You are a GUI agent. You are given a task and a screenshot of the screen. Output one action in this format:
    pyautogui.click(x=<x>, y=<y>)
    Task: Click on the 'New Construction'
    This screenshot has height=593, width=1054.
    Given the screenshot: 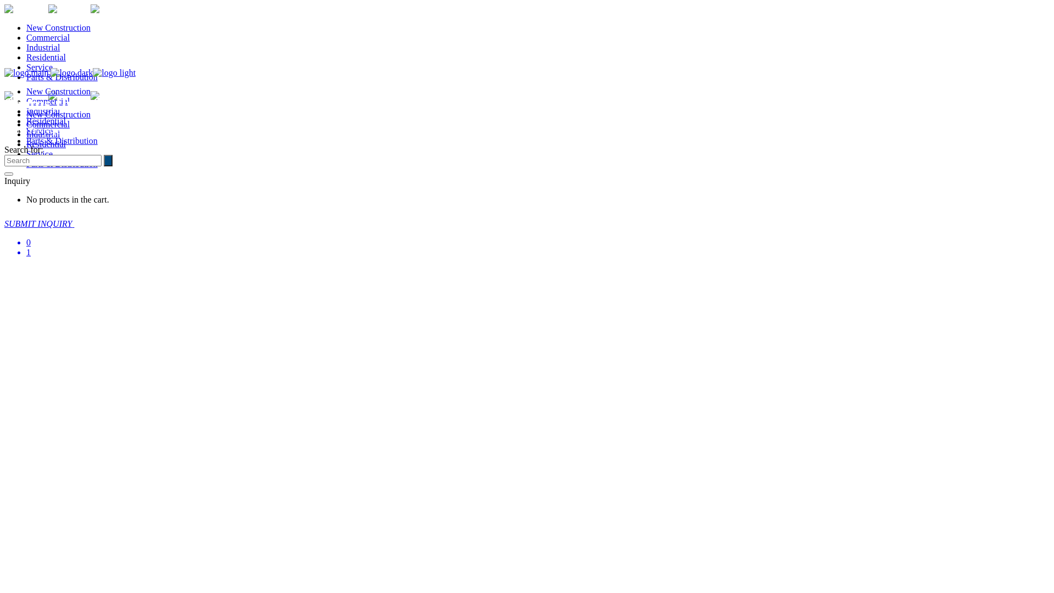 What is the action you would take?
    pyautogui.click(x=26, y=114)
    